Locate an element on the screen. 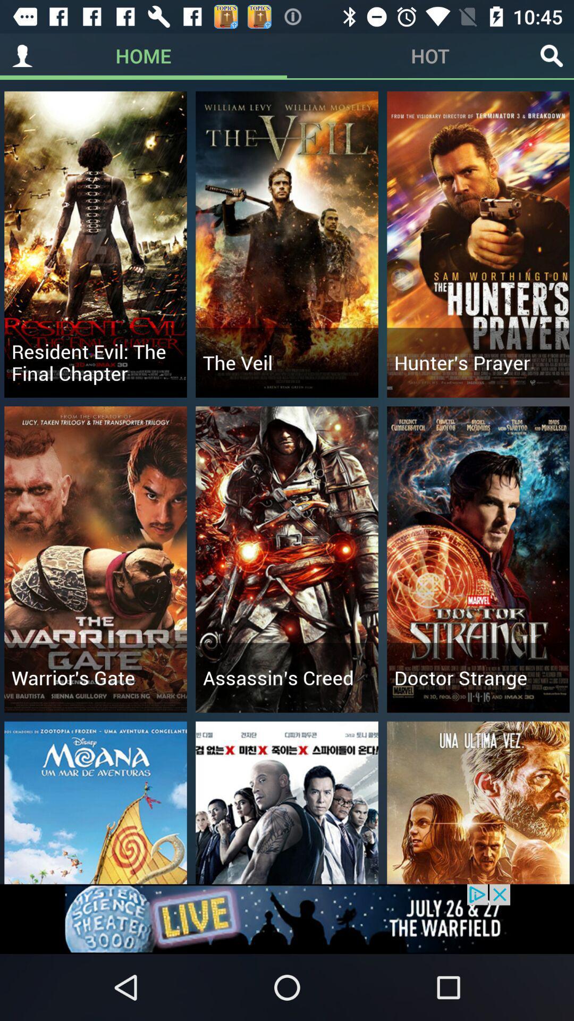 The height and width of the screenshot is (1021, 574). search is located at coordinates (551, 55).